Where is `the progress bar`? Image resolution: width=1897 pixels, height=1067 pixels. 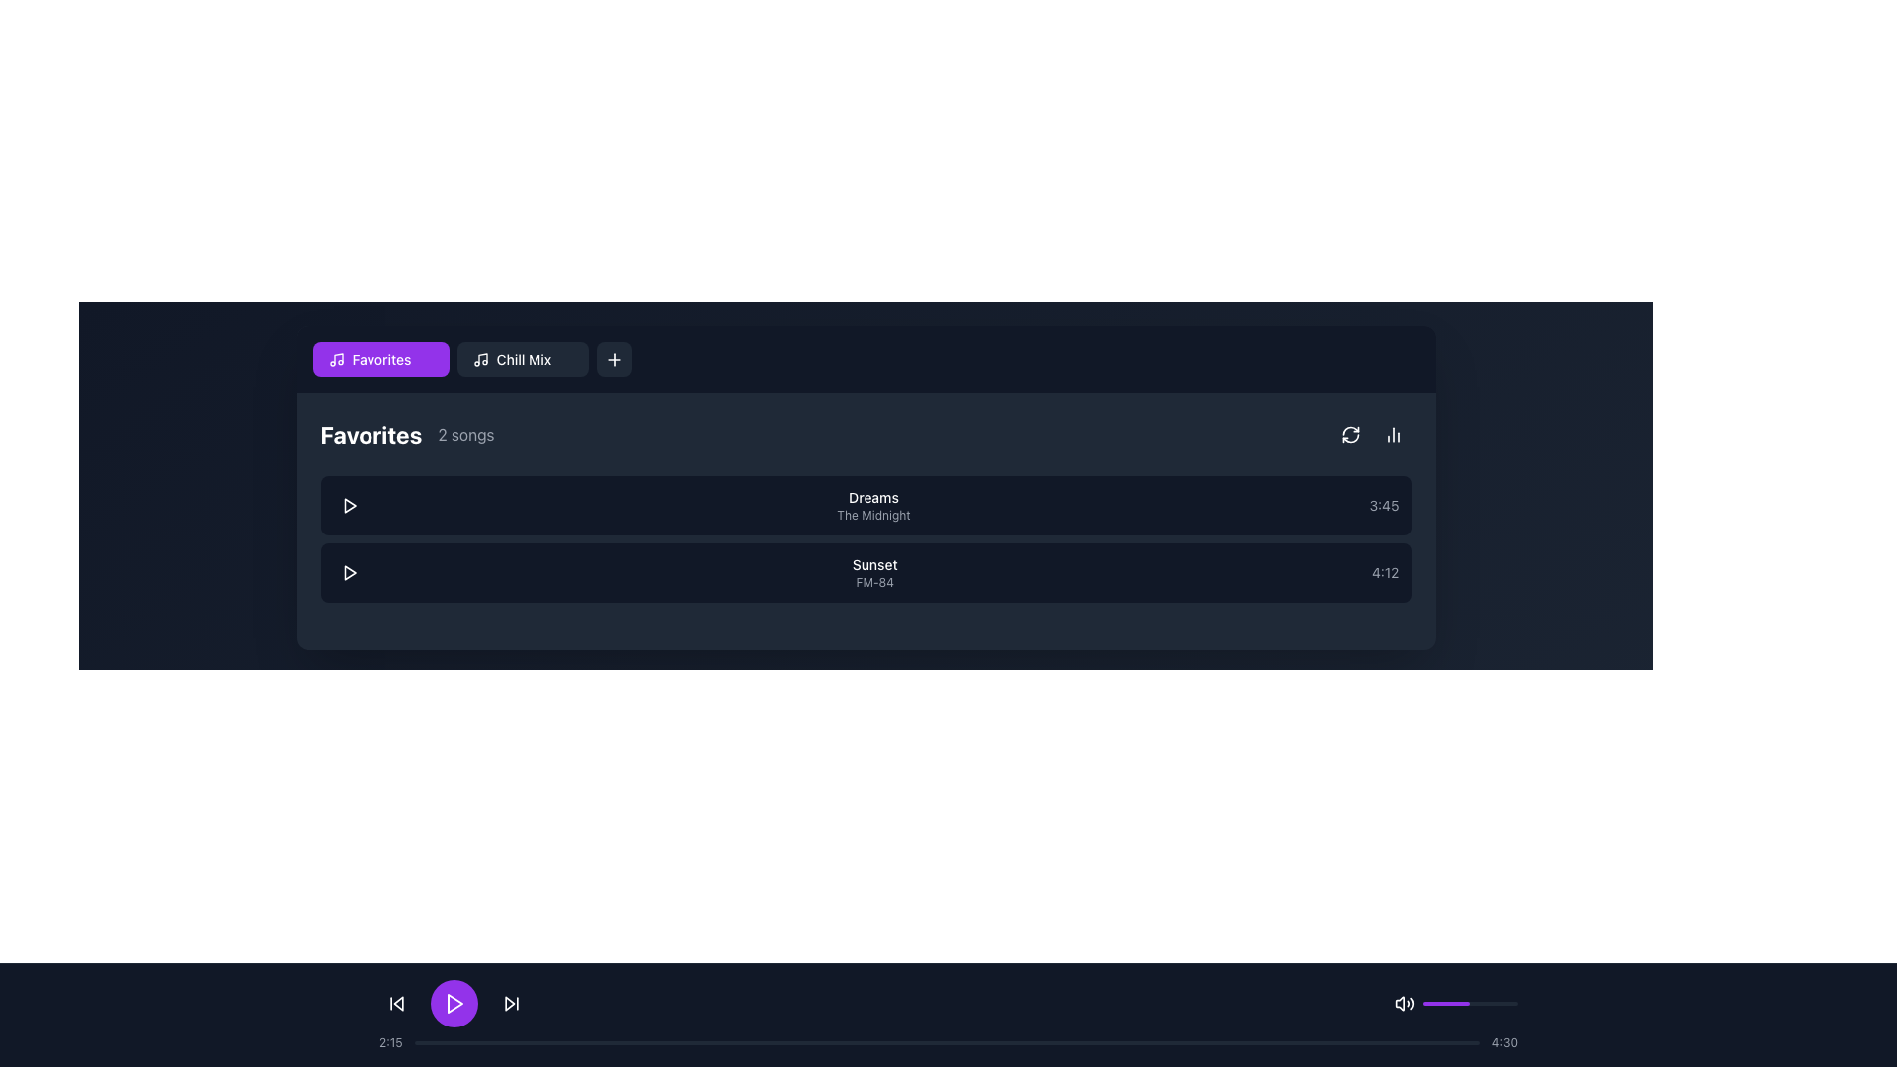 the progress bar is located at coordinates (754, 1042).